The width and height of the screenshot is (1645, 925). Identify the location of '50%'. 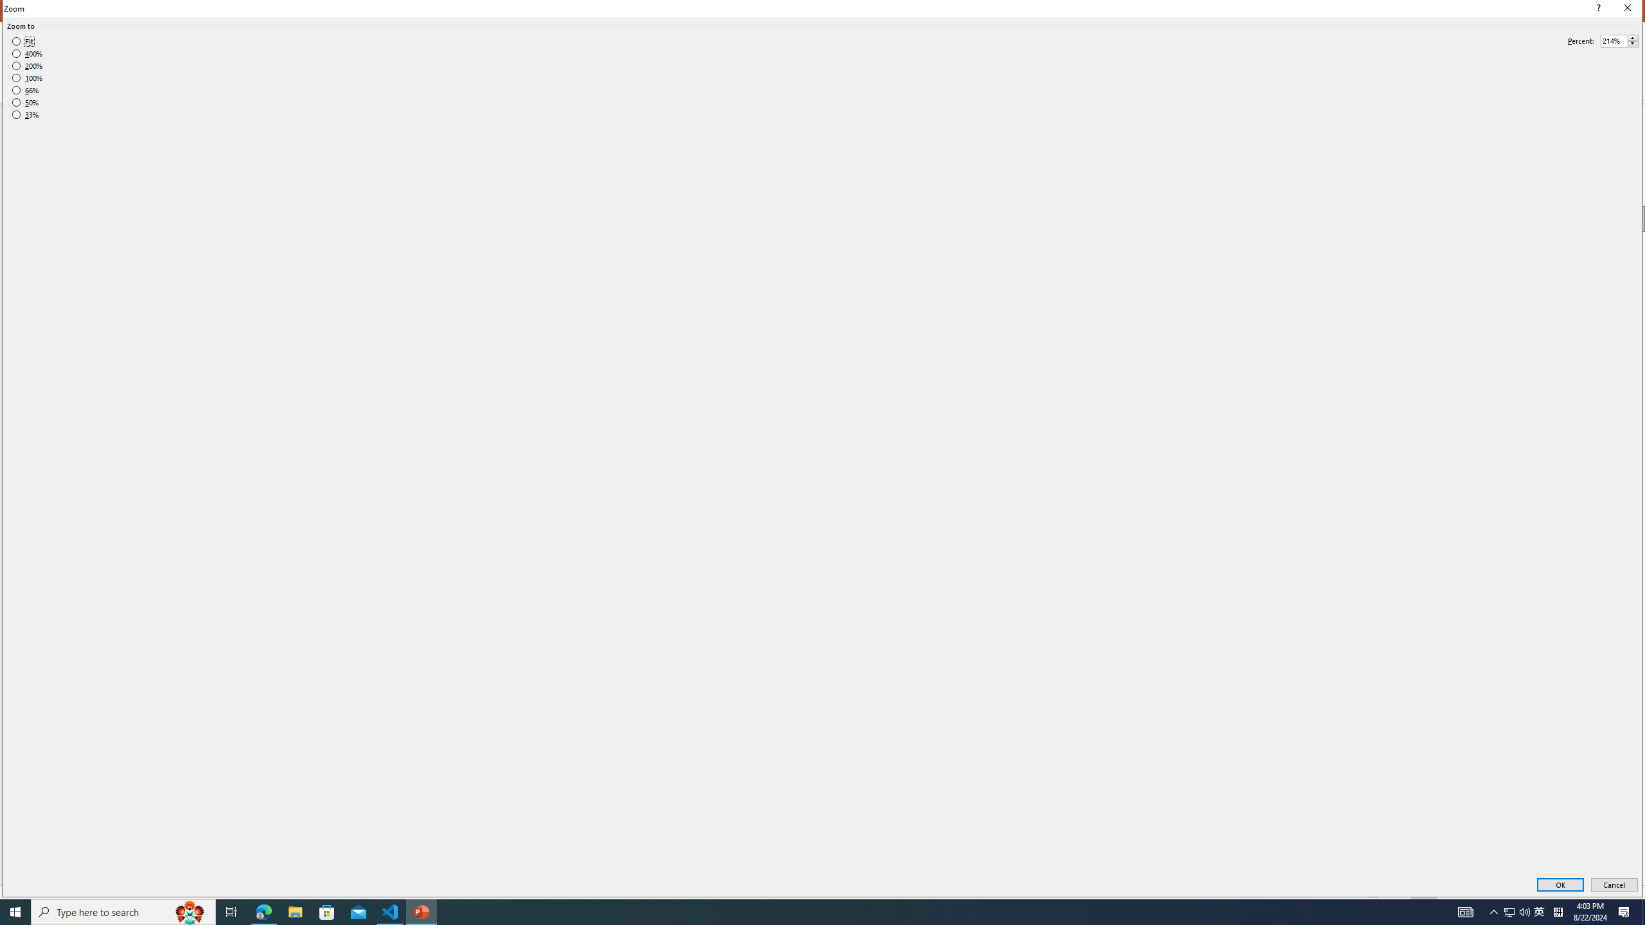
(24, 103).